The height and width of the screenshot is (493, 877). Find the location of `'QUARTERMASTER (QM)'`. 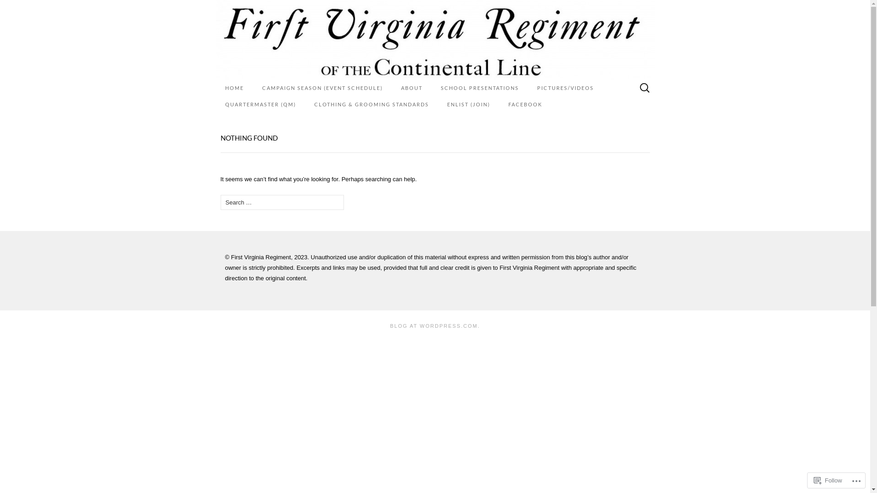

'QUARTERMASTER (QM)' is located at coordinates (259, 104).